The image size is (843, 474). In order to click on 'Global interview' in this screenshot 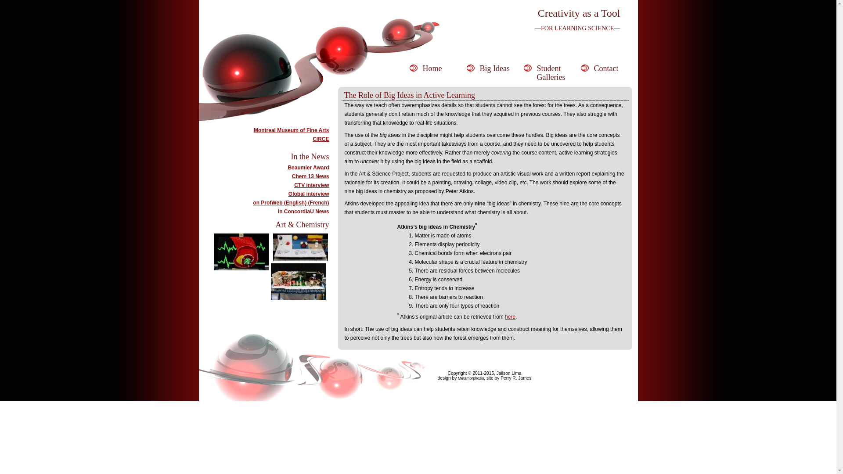, I will do `click(309, 194)`.